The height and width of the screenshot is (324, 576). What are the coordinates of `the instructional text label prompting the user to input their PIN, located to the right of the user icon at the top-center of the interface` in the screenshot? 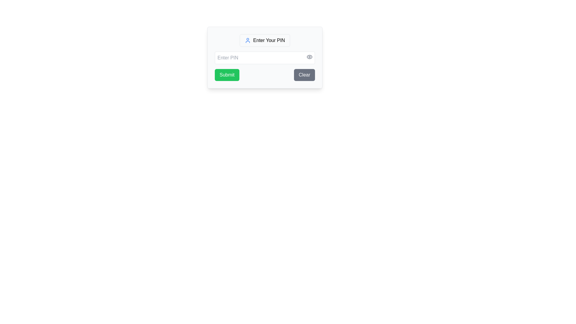 It's located at (269, 40).